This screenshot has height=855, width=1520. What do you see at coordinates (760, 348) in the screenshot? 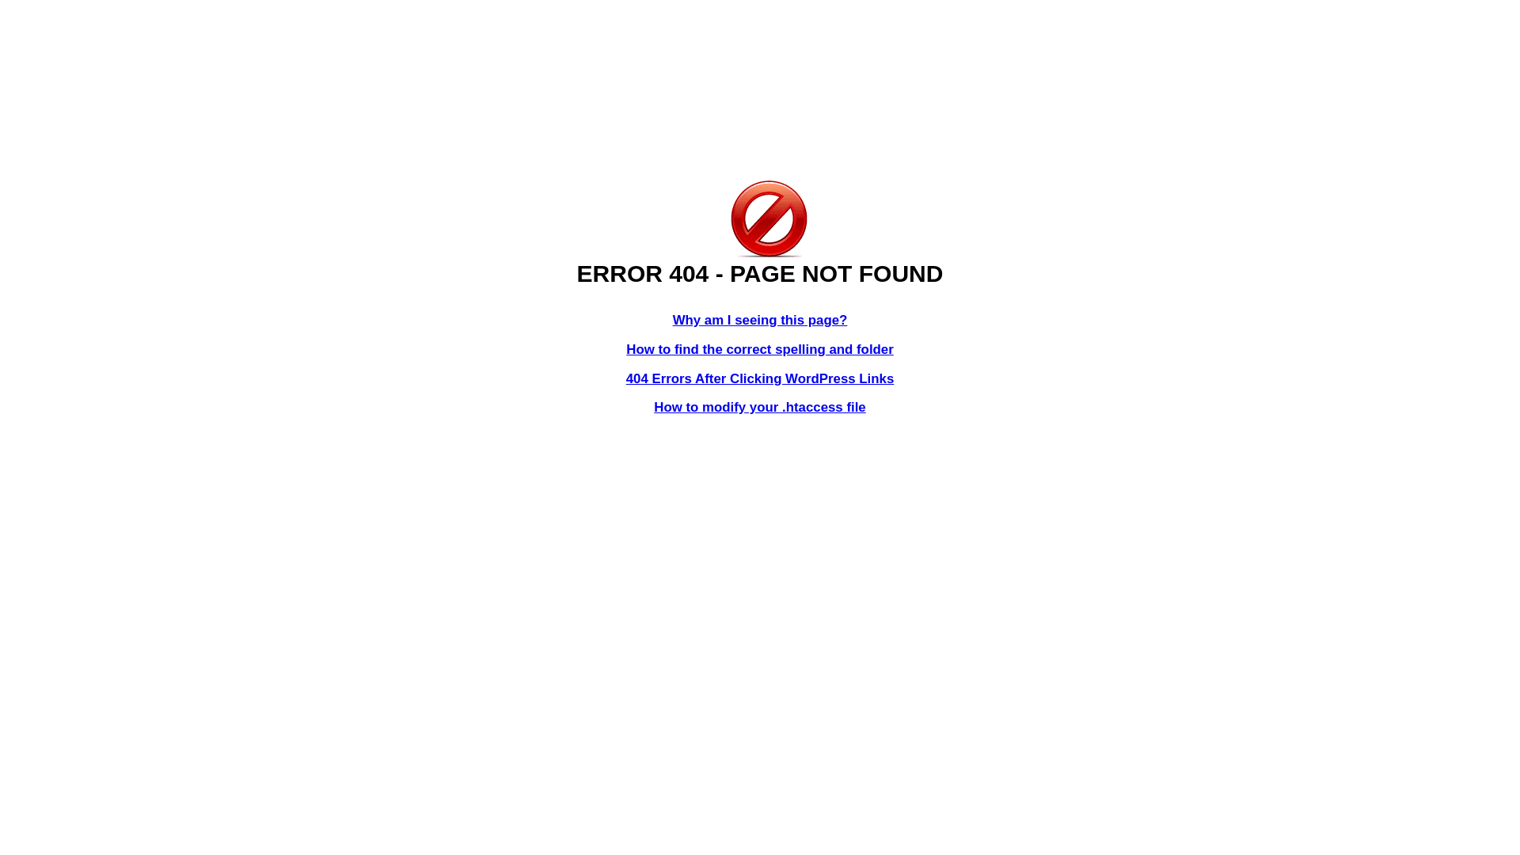
I see `'How to find the correct spelling and folder'` at bounding box center [760, 348].